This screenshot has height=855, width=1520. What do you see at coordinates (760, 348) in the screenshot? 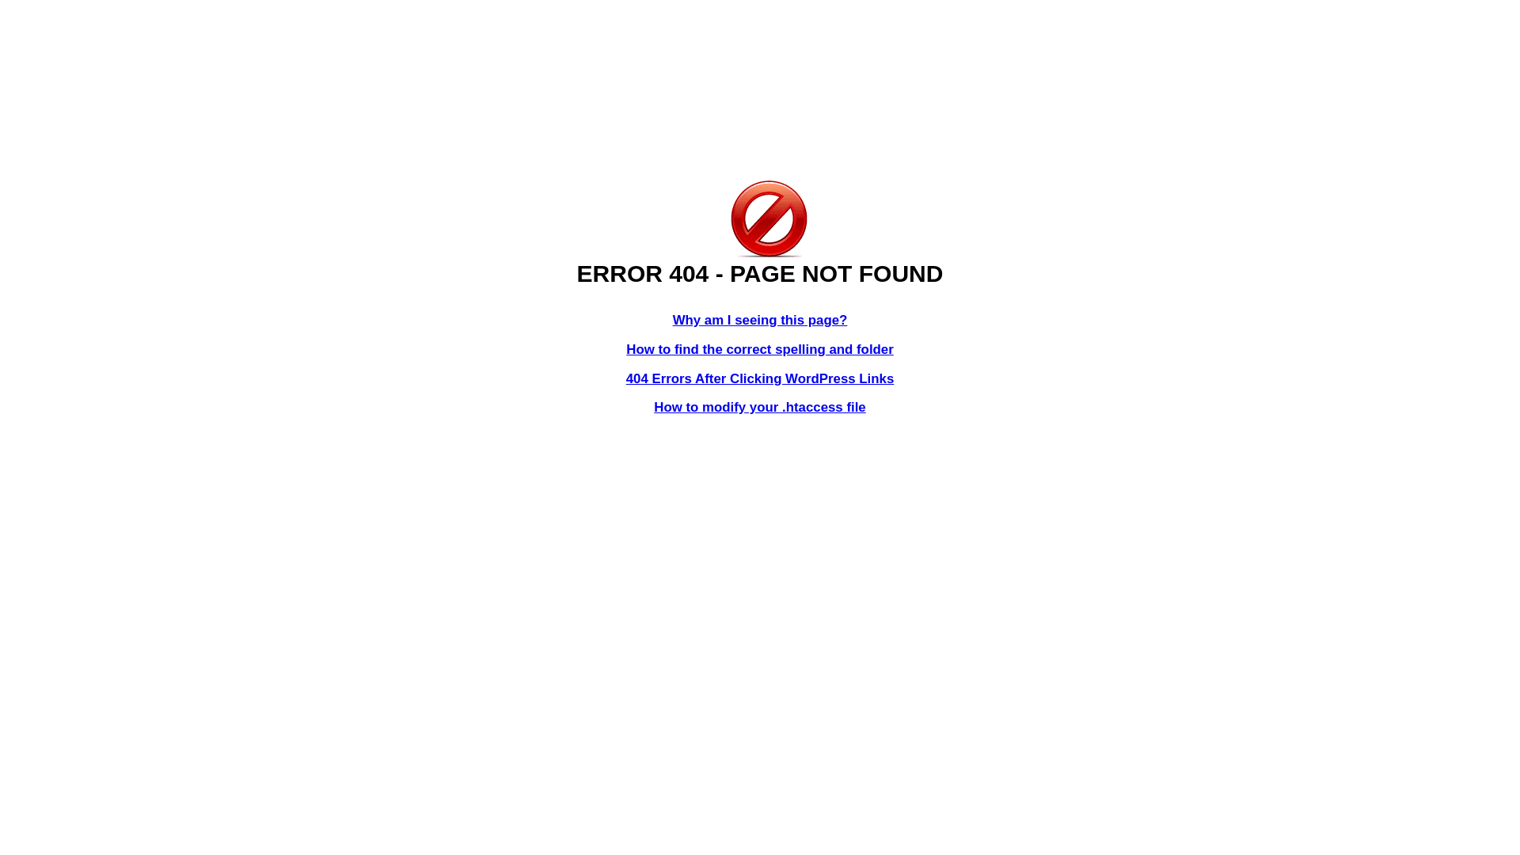
I see `'How to find the correct spelling and folder'` at bounding box center [760, 348].